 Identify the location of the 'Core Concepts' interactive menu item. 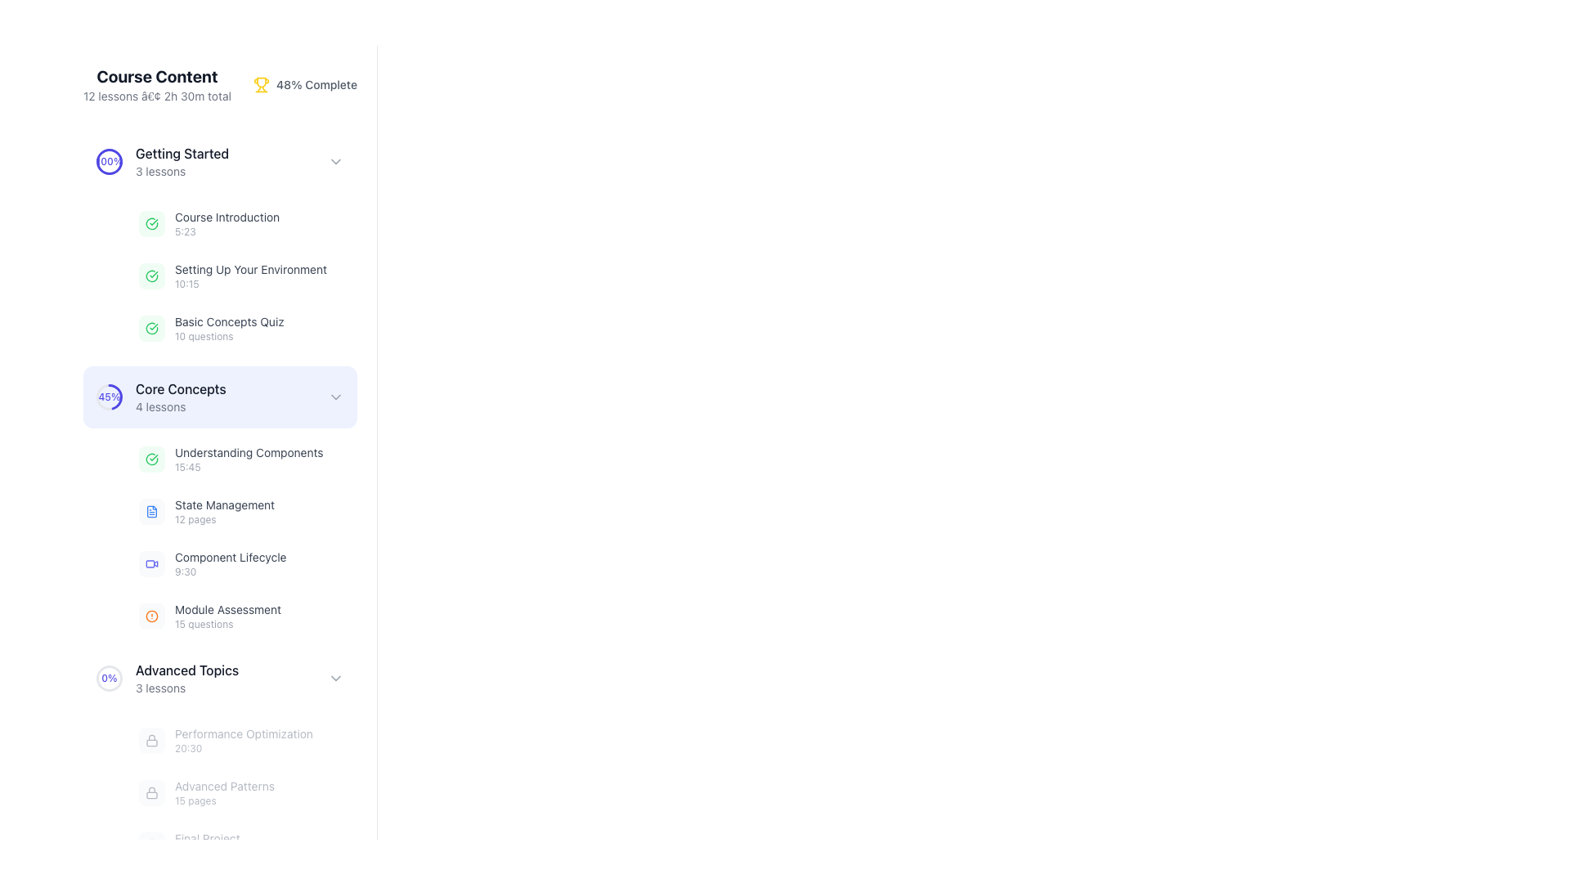
(219, 397).